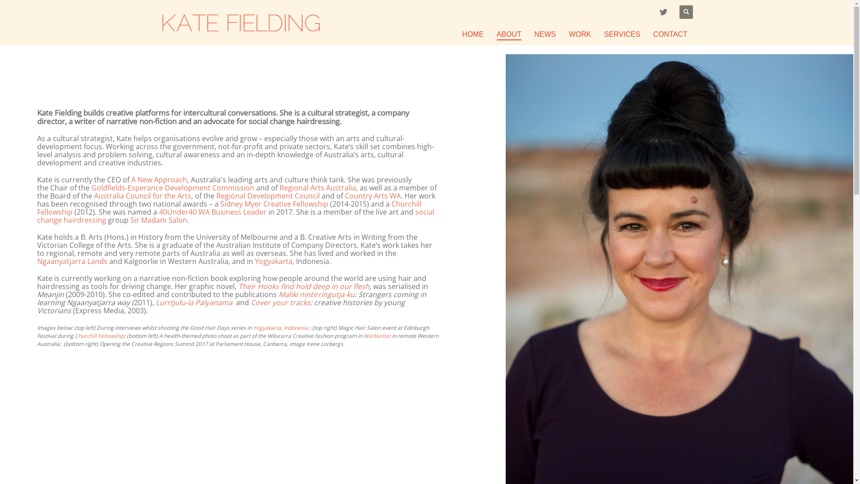  Describe the element at coordinates (377, 336) in the screenshot. I see `'Warburton'` at that location.